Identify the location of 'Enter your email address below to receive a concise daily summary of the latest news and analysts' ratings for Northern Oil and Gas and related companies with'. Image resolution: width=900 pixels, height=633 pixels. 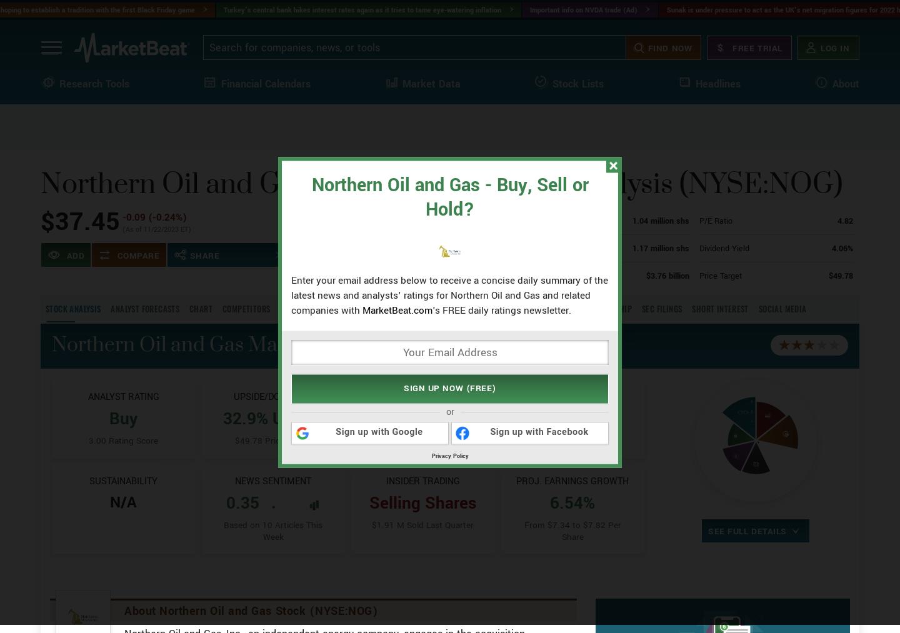
(449, 294).